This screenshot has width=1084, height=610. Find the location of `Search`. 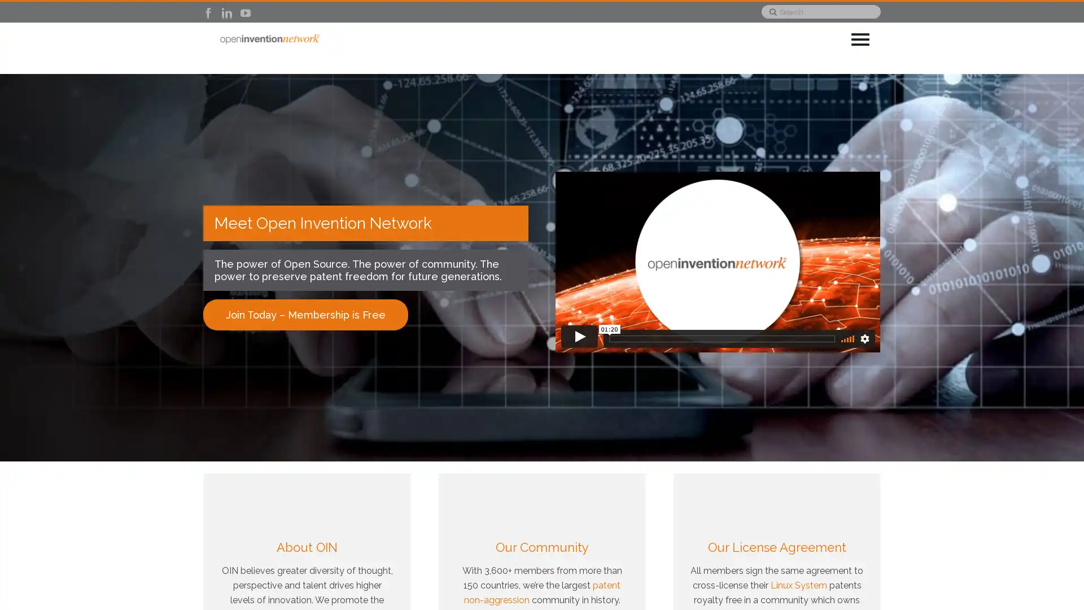

Search is located at coordinates (768, 11).